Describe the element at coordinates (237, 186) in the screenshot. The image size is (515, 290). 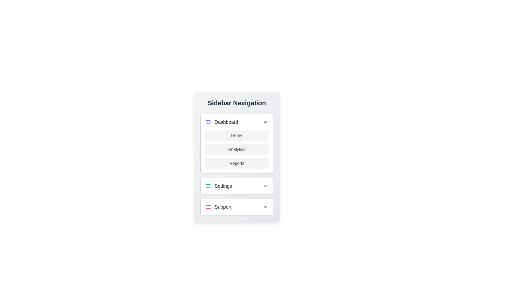
I see `the 'Settings' collapsible menu item in the sidebar navigation` at that location.